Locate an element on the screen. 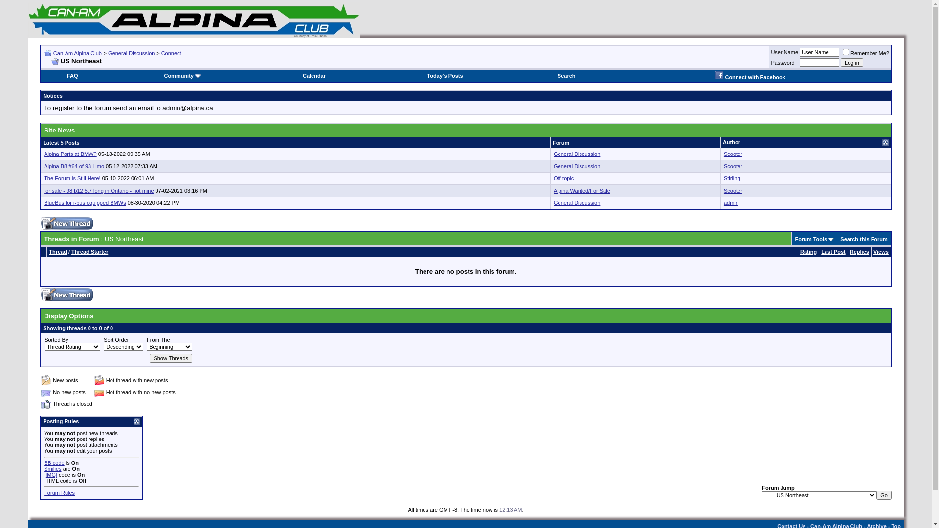  'Log in' is located at coordinates (851, 62).